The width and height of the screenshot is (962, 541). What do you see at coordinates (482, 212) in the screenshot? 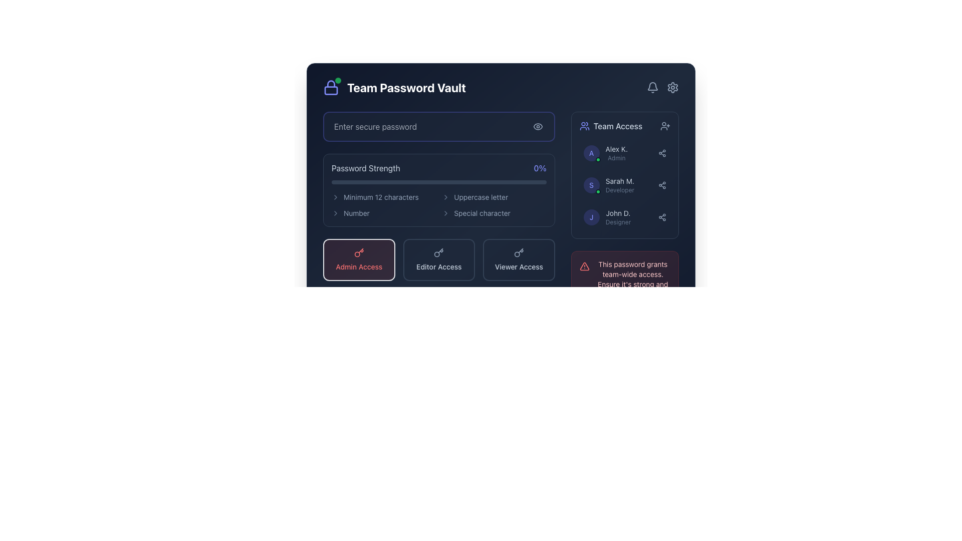
I see `the 'Special character' text label, which is styled in a small-sized sans-serif font and is part of the Password Strength section, positioned near the center-right of the interface` at bounding box center [482, 212].